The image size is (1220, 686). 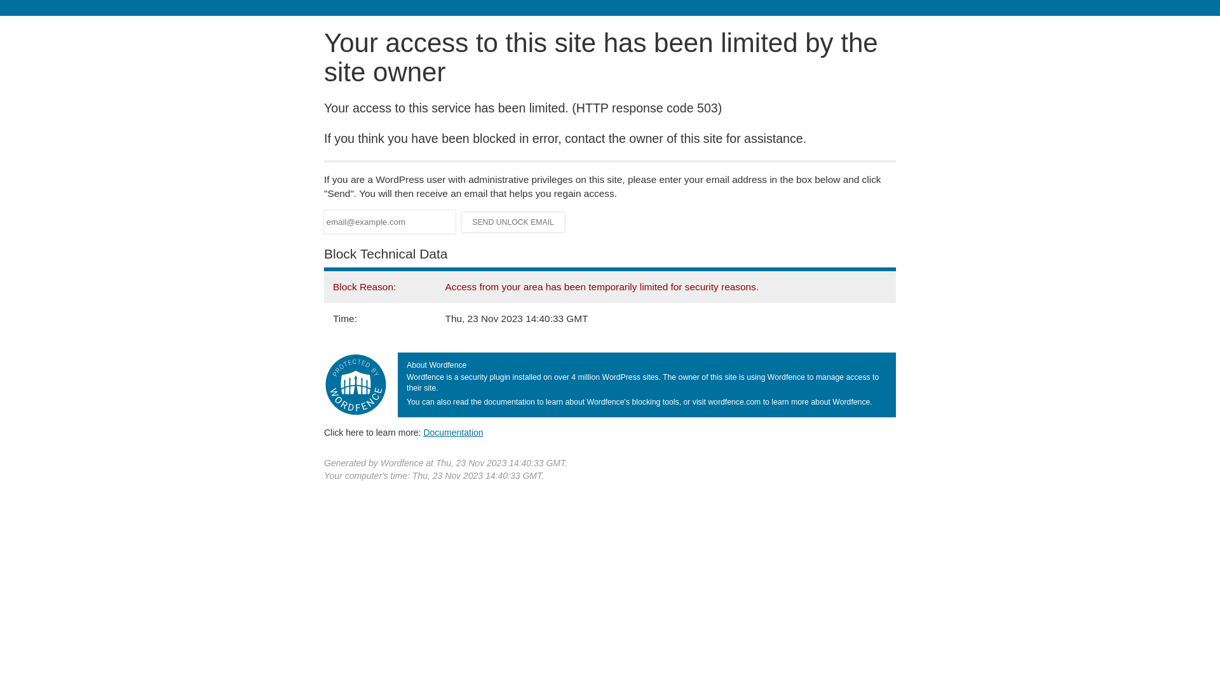 What do you see at coordinates (453, 432) in the screenshot?
I see `'Documentation'` at bounding box center [453, 432].